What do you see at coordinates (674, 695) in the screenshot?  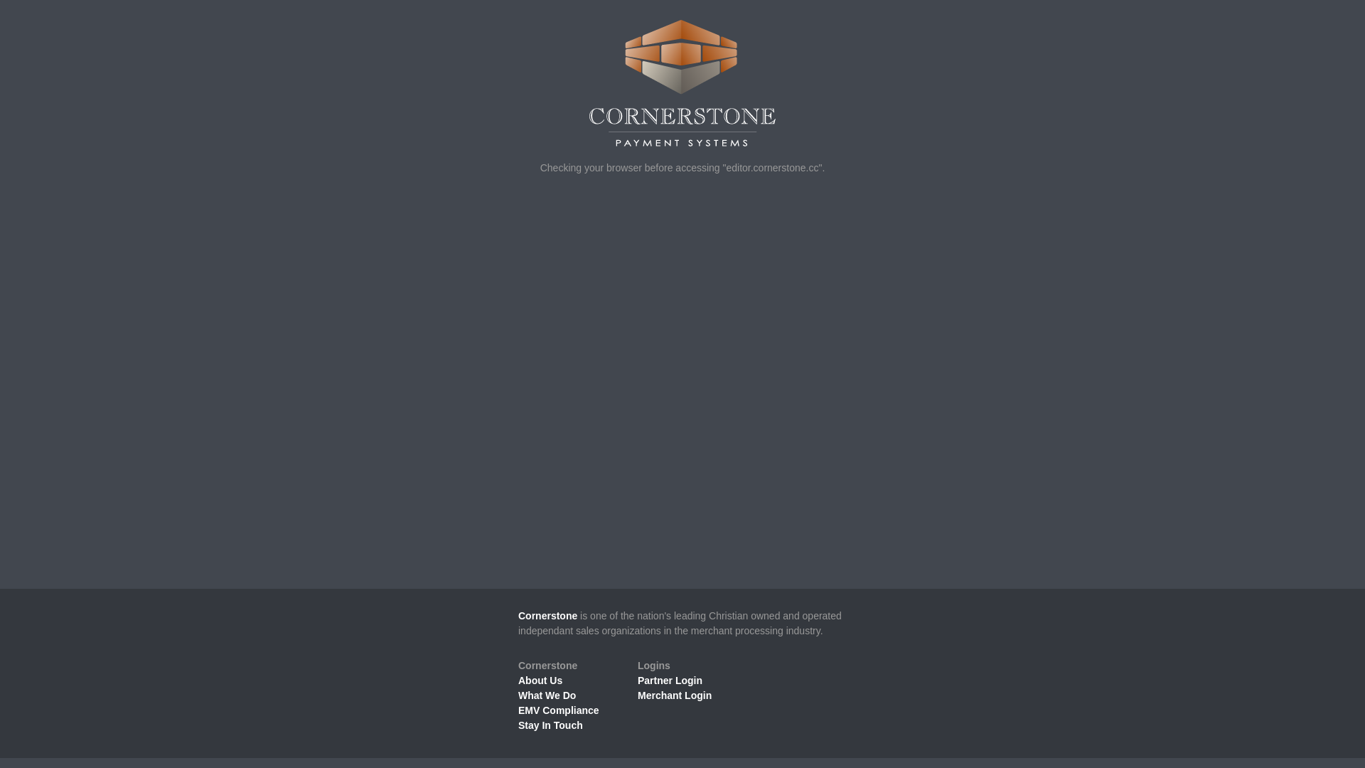 I see `'Merchant Login'` at bounding box center [674, 695].